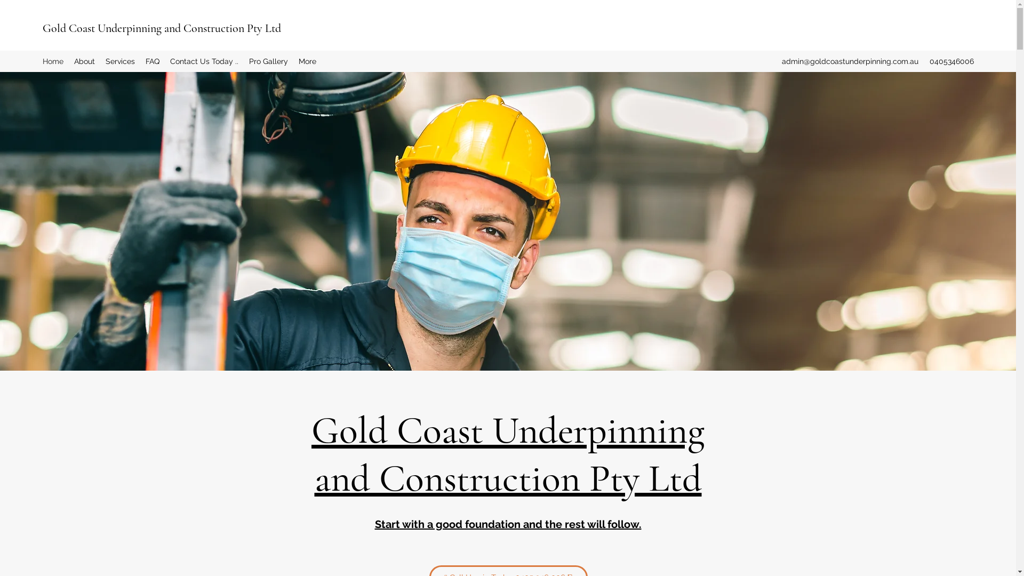  I want to click on 'About', so click(84, 61).